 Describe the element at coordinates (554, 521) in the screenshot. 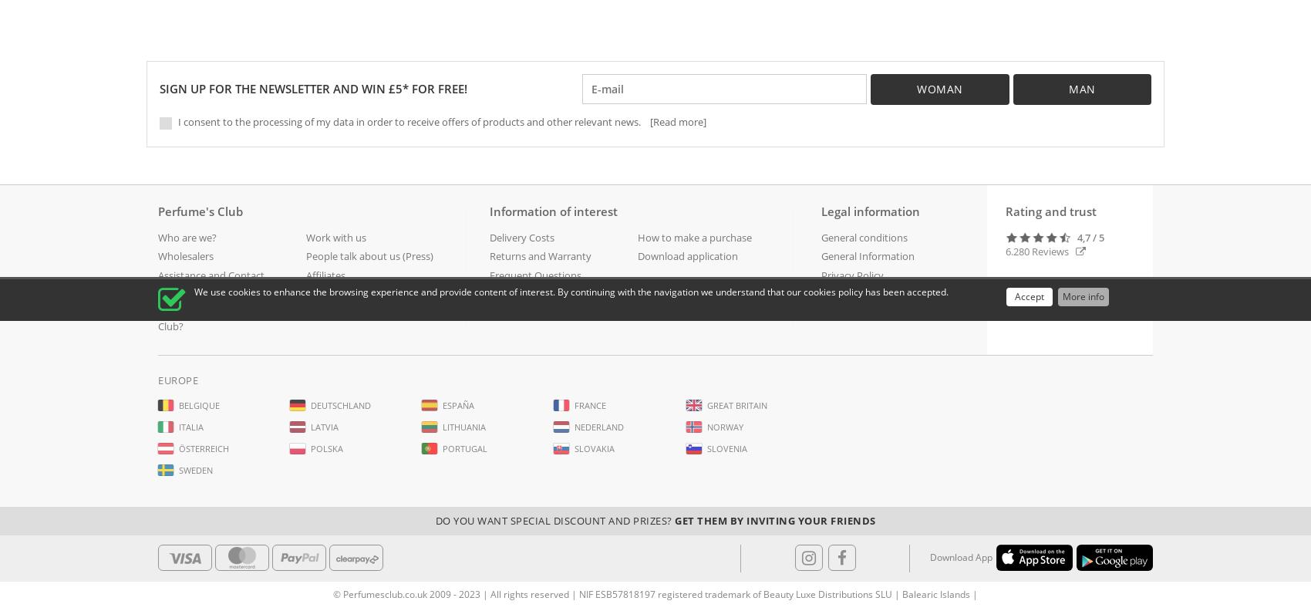

I see `'Do you want special discount and prizes?'` at that location.